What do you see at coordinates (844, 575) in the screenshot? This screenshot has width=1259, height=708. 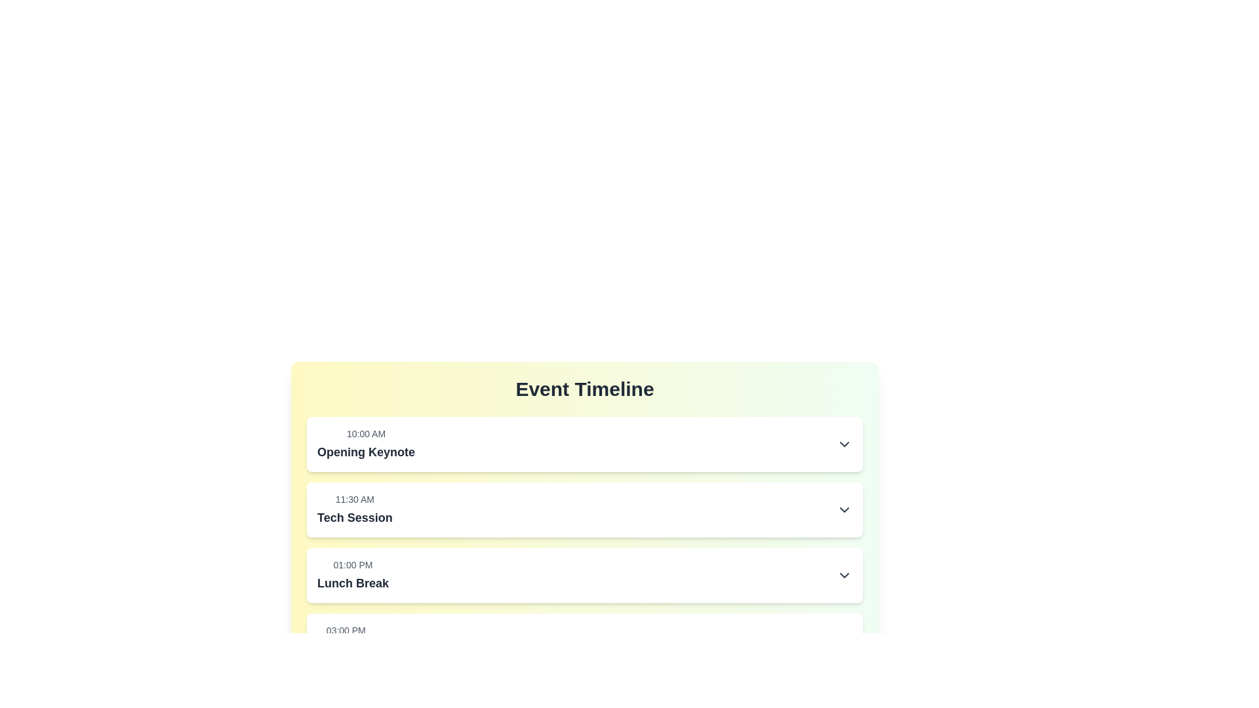 I see `the chevron icon button on the far right of the 'Lunch Break' row` at bounding box center [844, 575].